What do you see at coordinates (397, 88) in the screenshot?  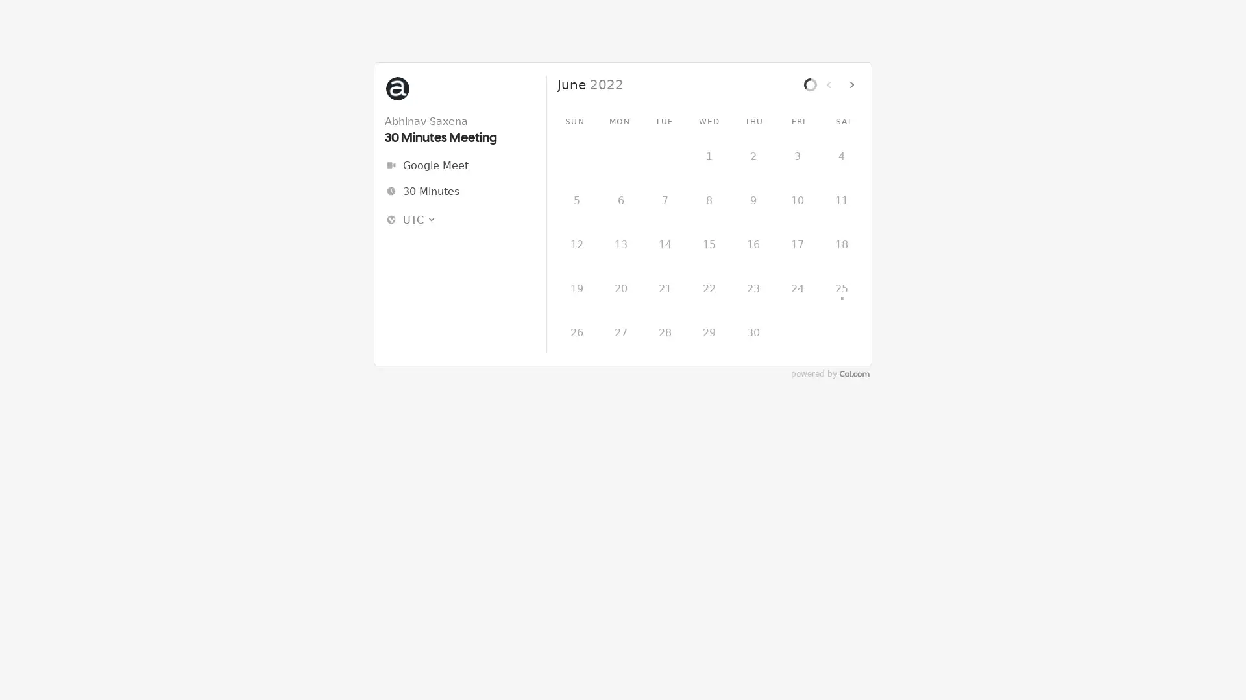 I see `Abhinav Saxena` at bounding box center [397, 88].